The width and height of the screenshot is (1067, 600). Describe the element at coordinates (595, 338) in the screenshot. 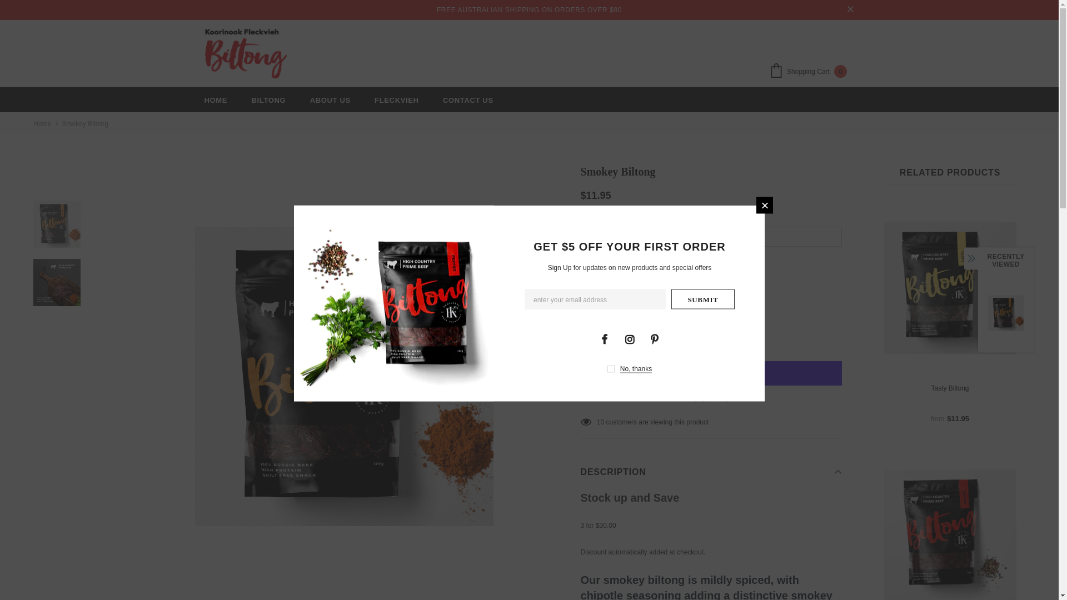

I see `'Facebook'` at that location.